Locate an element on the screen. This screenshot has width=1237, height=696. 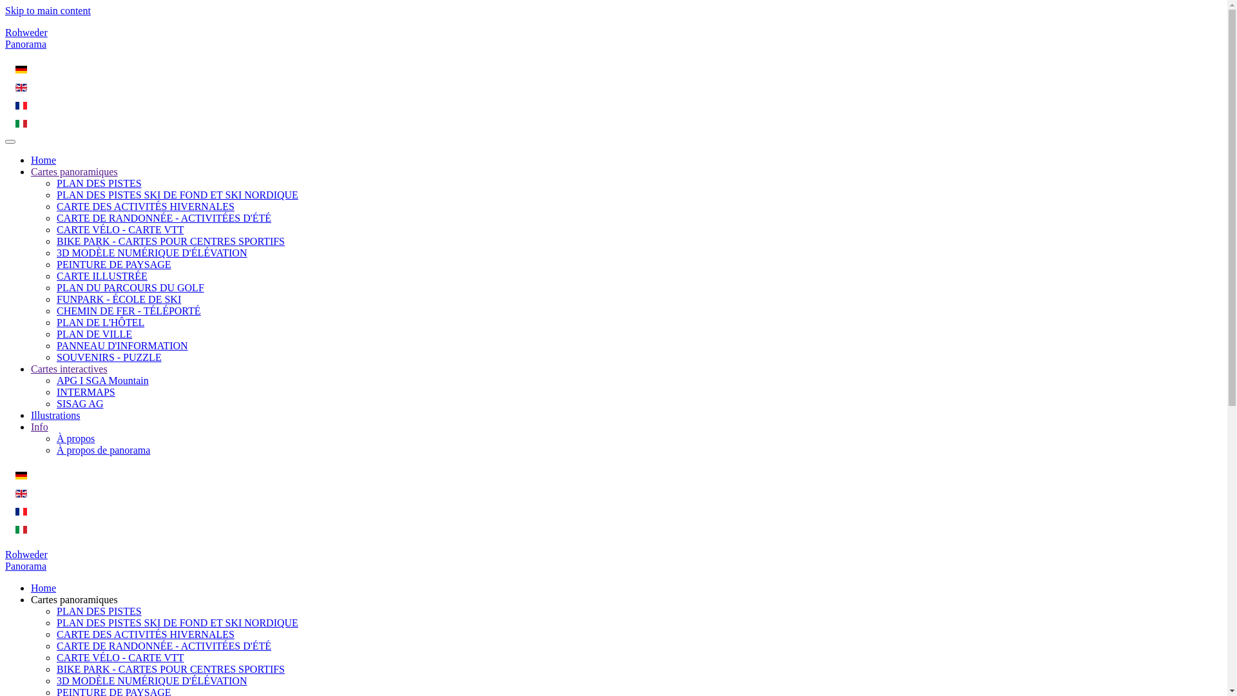
'Illustrations' is located at coordinates (55, 415).